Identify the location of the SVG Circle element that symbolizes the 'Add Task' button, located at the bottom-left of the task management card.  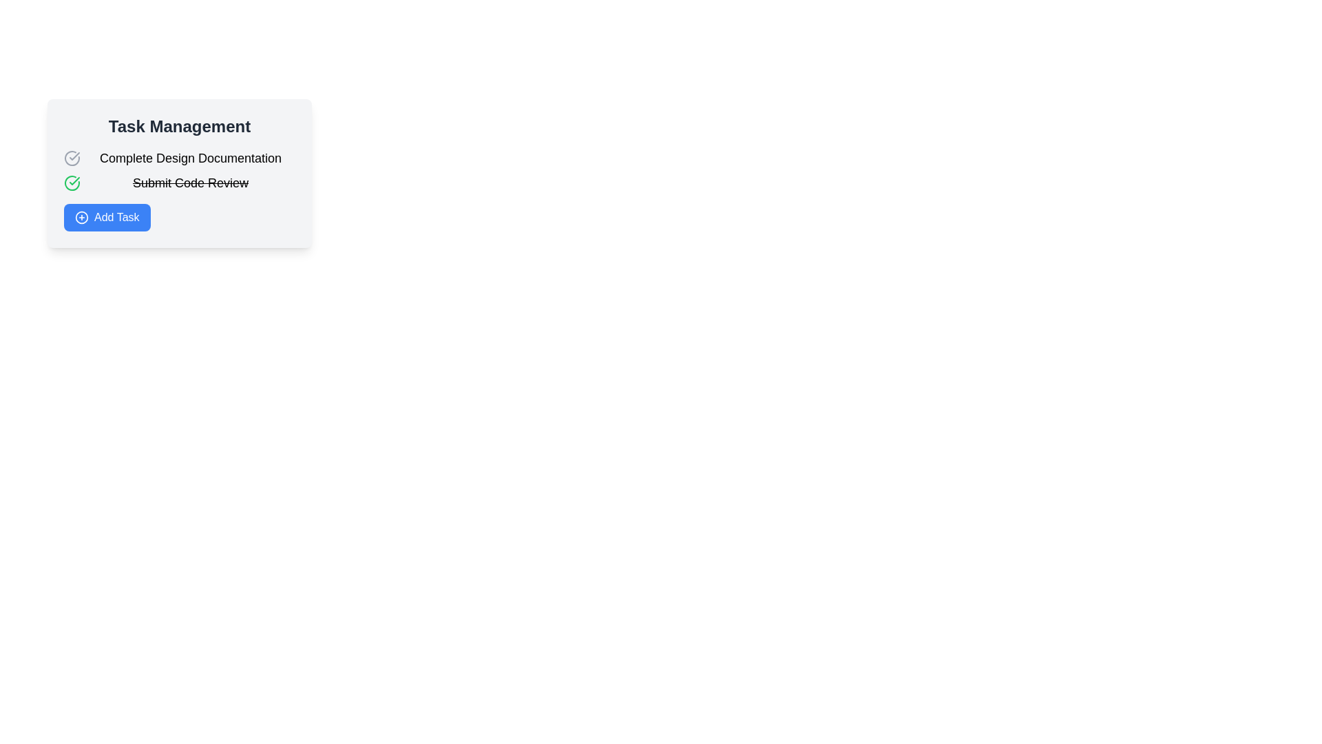
(81, 217).